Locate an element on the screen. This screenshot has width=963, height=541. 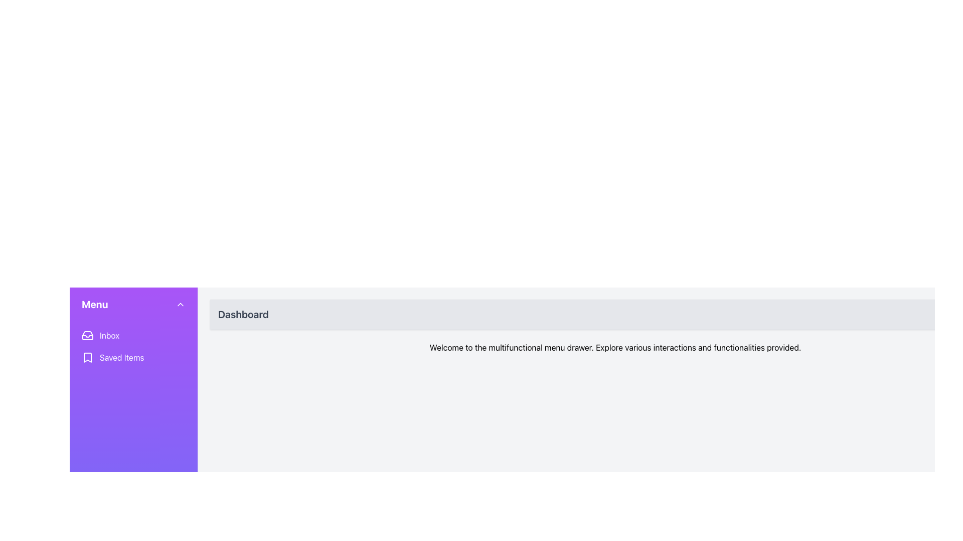
the Text Label that serves as a title or header for the current view, located at the top center of the main panel is located at coordinates (243, 314).